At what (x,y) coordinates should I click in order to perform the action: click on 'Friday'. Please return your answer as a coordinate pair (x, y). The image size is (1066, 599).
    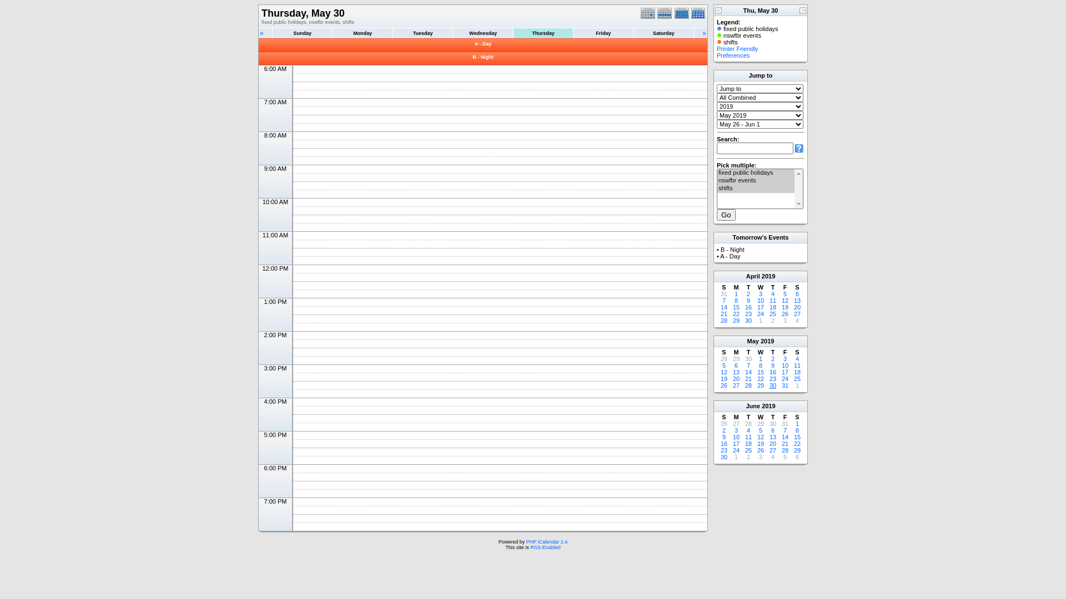
    Looking at the image, I should click on (602, 33).